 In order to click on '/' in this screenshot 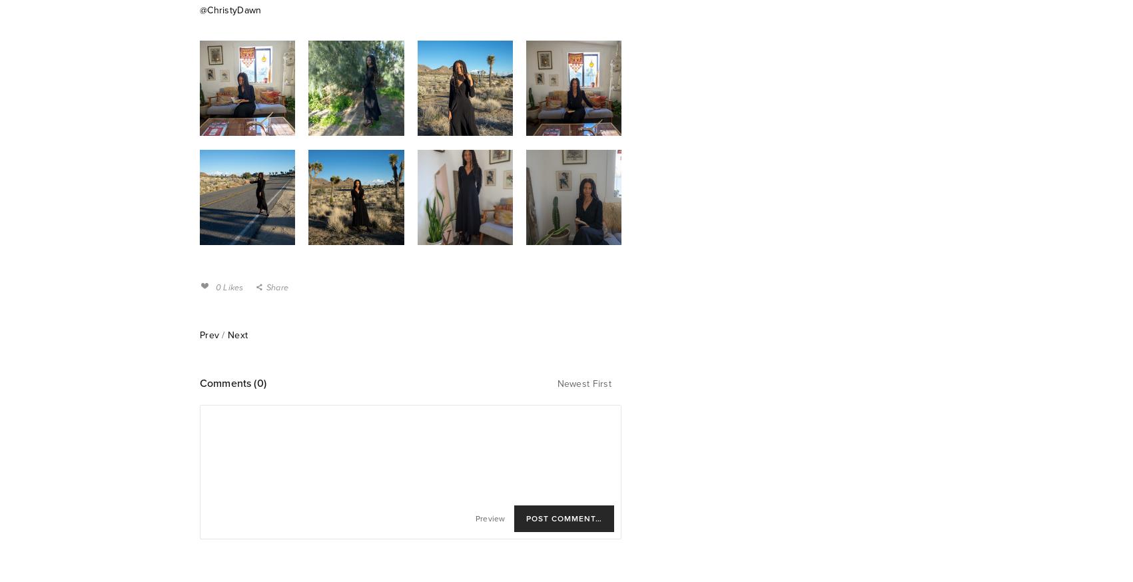, I will do `click(222, 334)`.